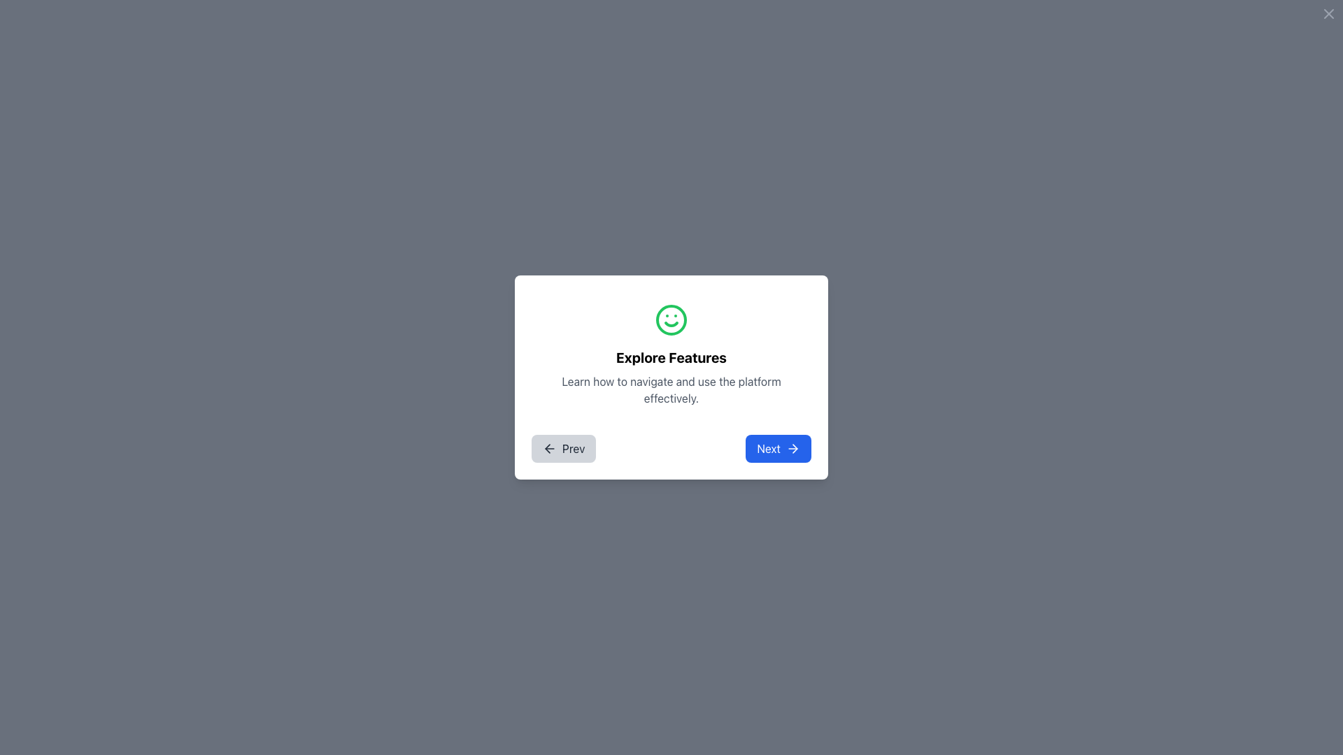 The height and width of the screenshot is (755, 1343). Describe the element at coordinates (778, 448) in the screenshot. I see `the 'Next' button, which is a horizontal rectangular button with rounded corners, blue background, and white text aligned with an arrow icon, located at the bottom right of the centered card` at that location.